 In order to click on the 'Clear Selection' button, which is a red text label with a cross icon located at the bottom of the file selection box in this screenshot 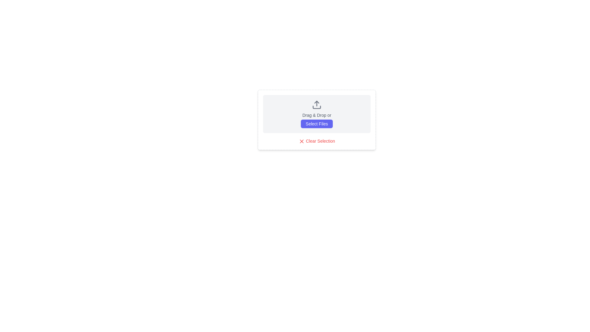, I will do `click(317, 141)`.